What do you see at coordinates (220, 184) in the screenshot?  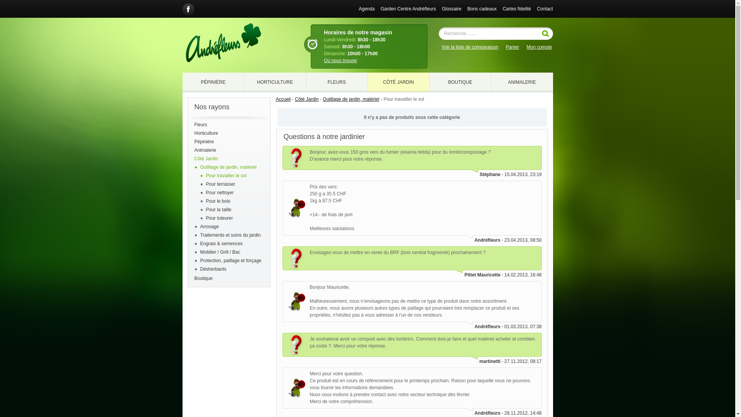 I see `'Pour terrasser'` at bounding box center [220, 184].